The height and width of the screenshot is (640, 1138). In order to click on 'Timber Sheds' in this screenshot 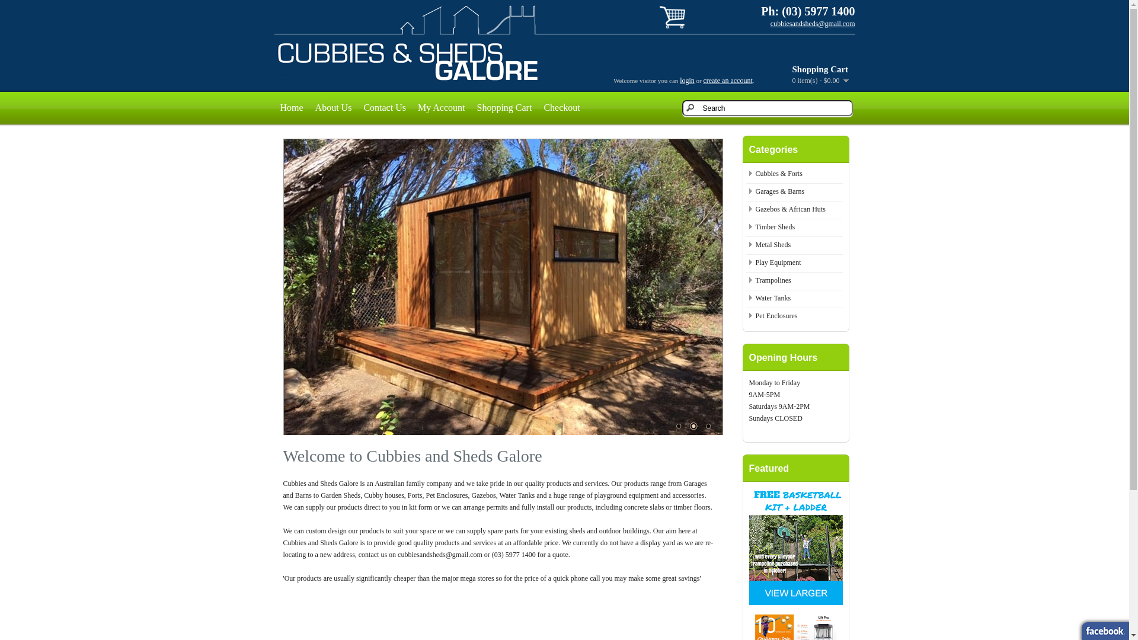, I will do `click(775, 226)`.